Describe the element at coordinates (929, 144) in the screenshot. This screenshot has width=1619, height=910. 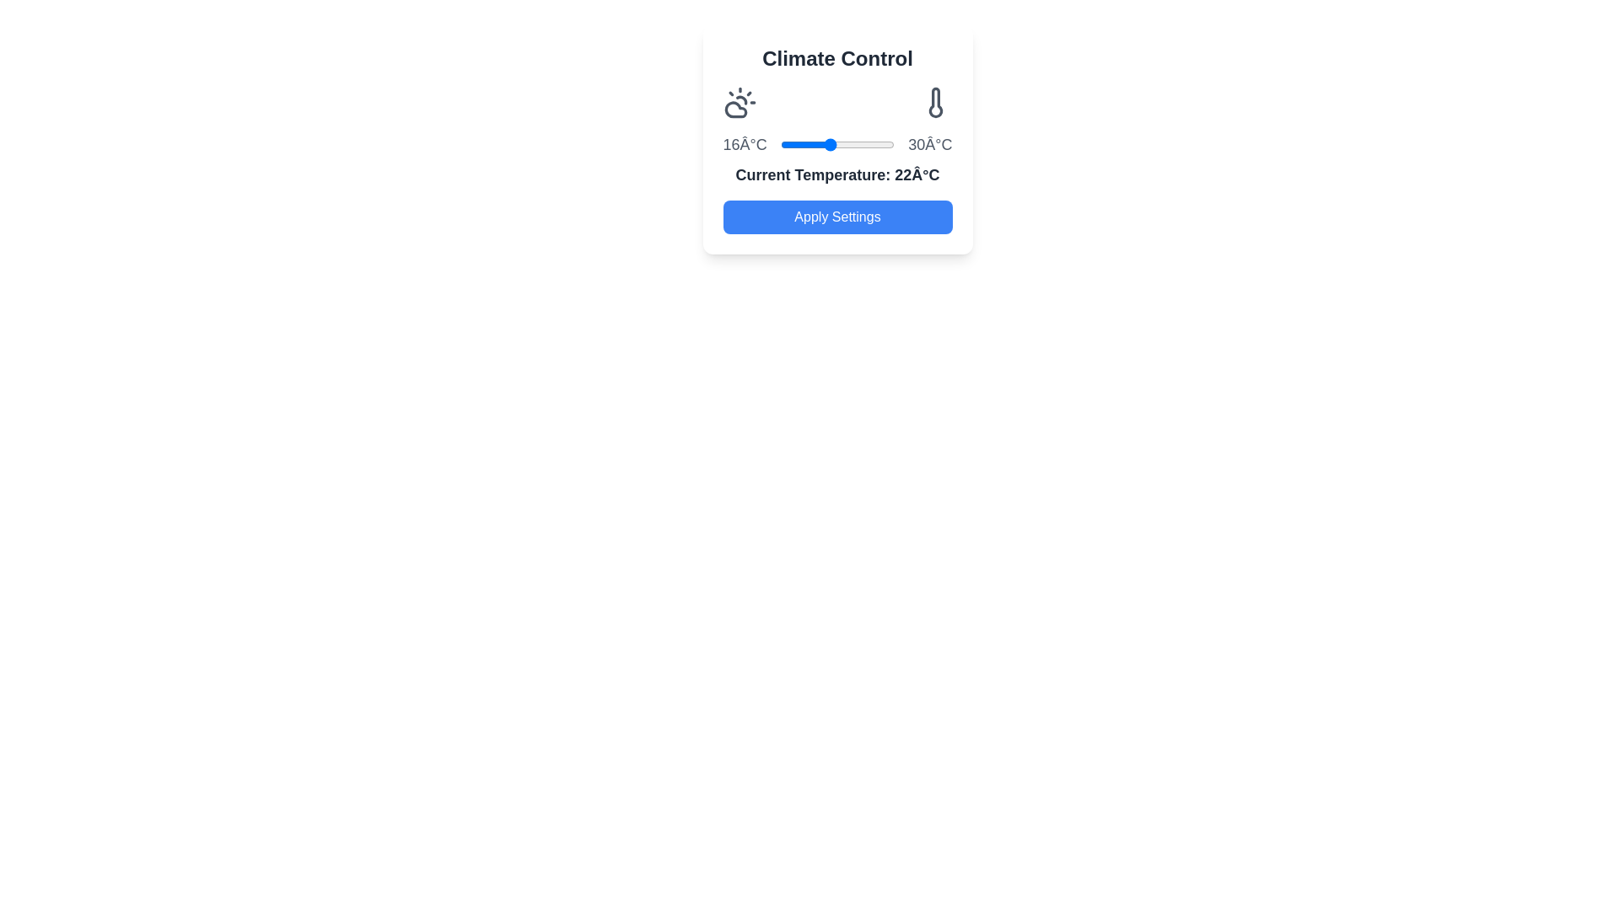
I see `the temperature label displaying '30°C', which is located in the 'Climate Control' panel at the top right corner of the slider, styled in large bold gray font` at that location.